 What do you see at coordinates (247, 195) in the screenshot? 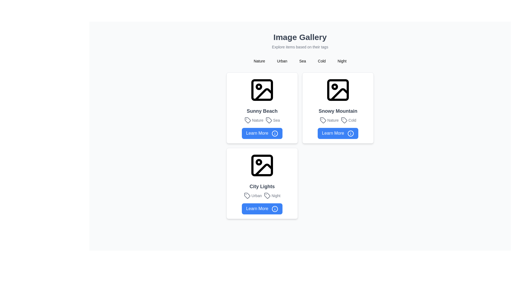
I see `the icon resembling a tag, which is part of the 'City Lights' card in the third row, located to the left of the text 'Urban'` at bounding box center [247, 195].